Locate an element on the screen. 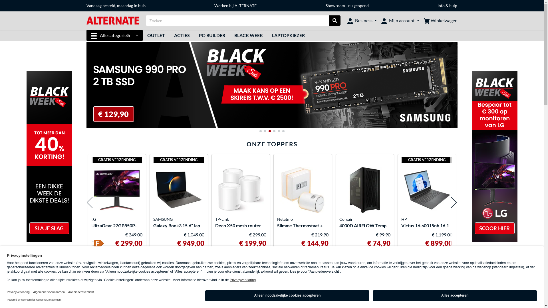 Image resolution: width=548 pixels, height=308 pixels. 'OUTLET' is located at coordinates (156, 35).